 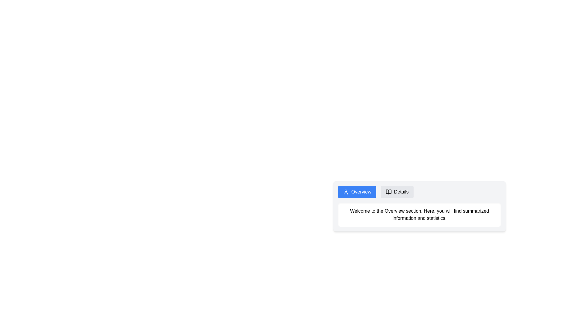 I want to click on the 'Details' text label, which is a medium-sized sans-serif font located within a rounded light gray rectangular button next to an open book icon, so click(x=401, y=192).